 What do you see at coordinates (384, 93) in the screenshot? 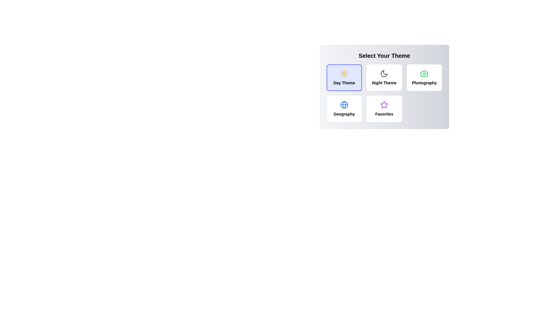
I see `a specific card within the grid layout of selectable themes located under the header 'Select Your Theme'` at bounding box center [384, 93].